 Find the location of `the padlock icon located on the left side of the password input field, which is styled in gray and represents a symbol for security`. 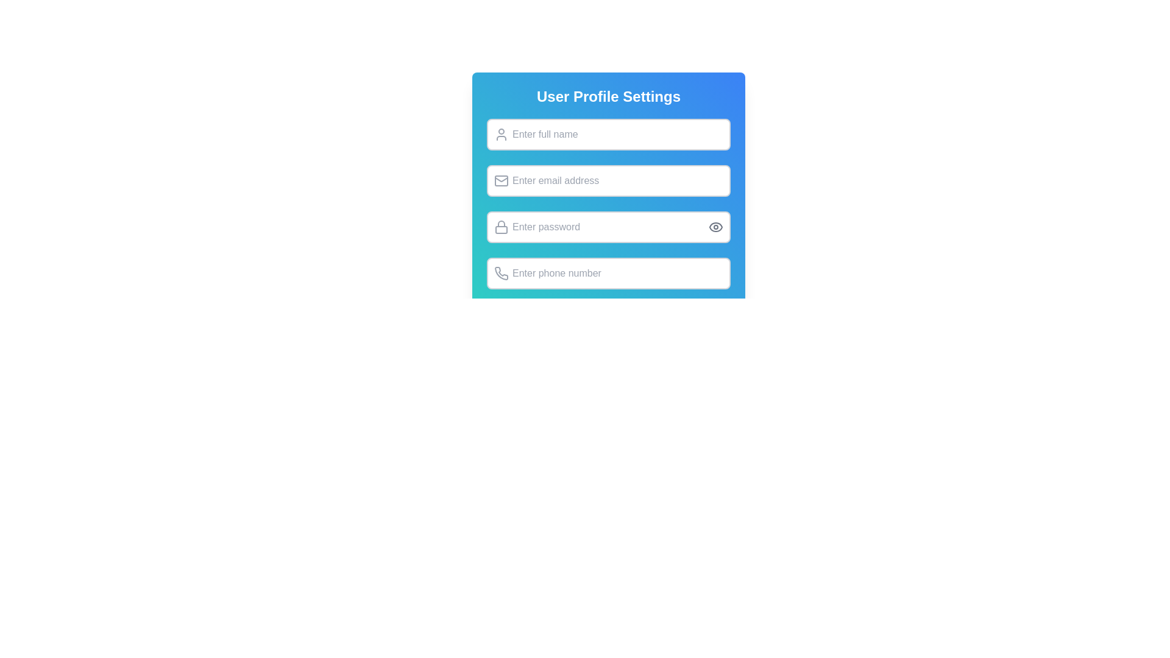

the padlock icon located on the left side of the password input field, which is styled in gray and represents a symbol for security is located at coordinates (501, 227).